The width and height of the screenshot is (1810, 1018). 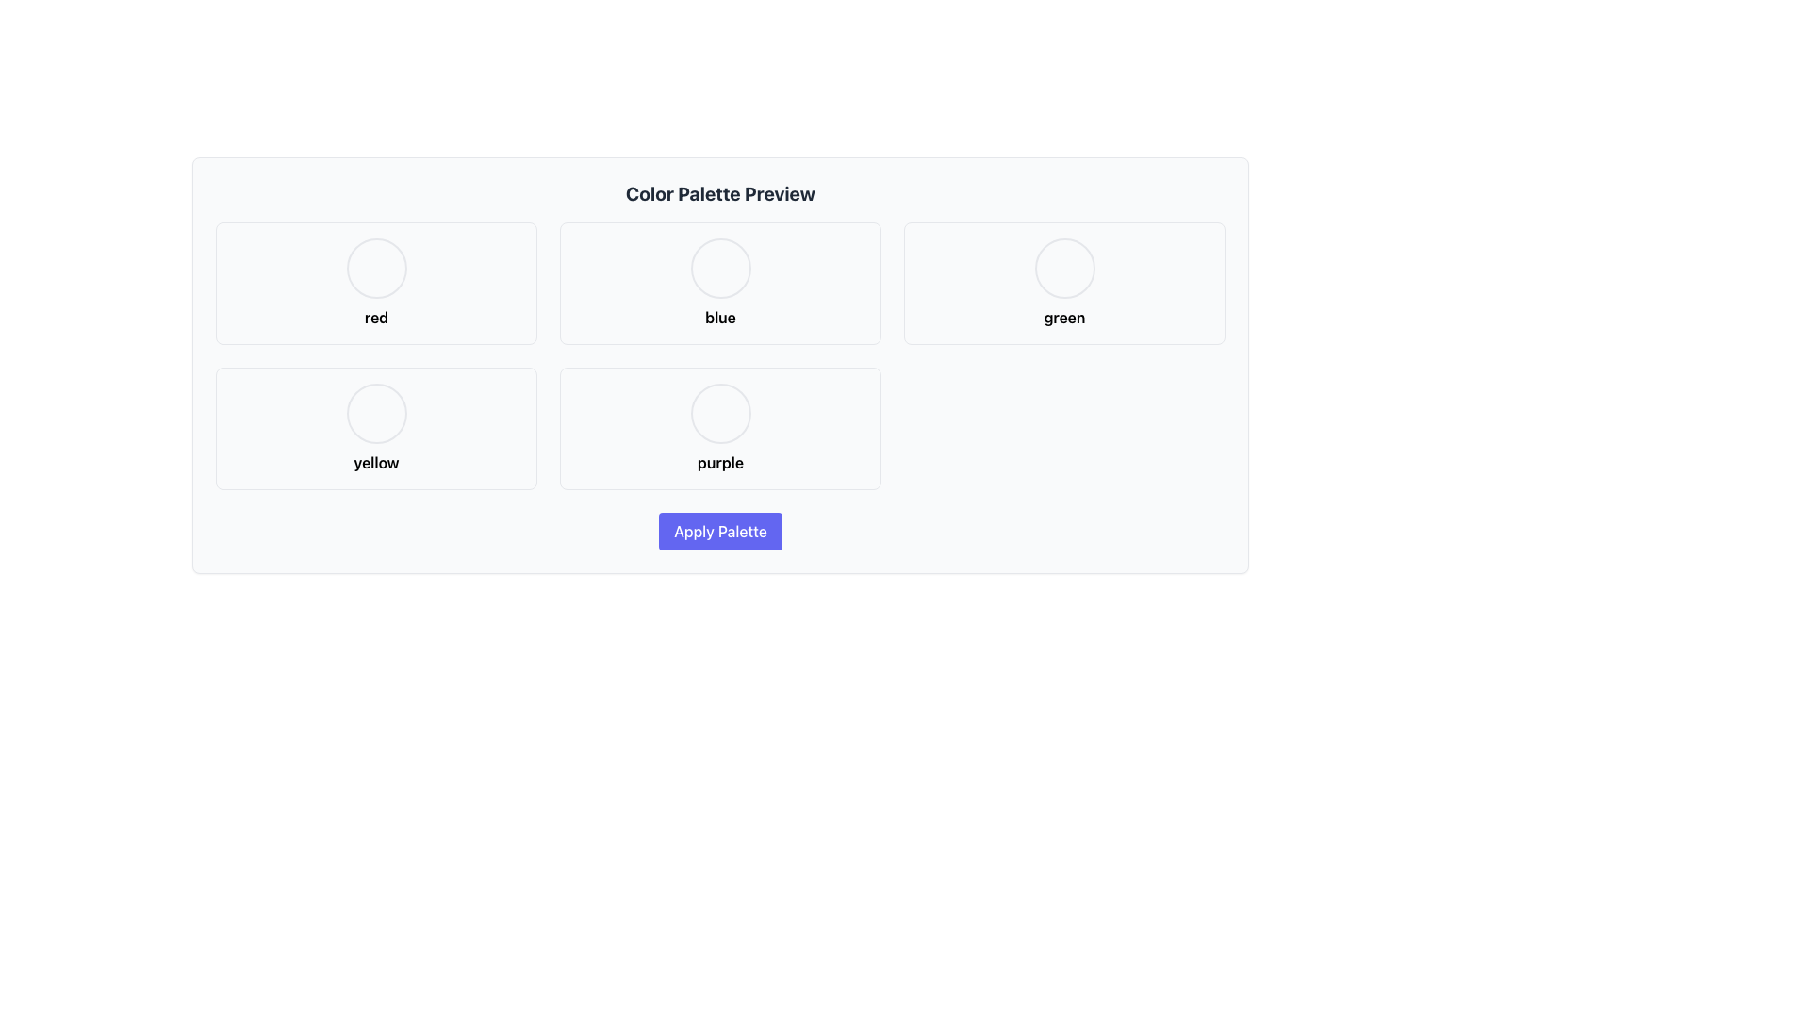 I want to click on the 'Apply Palette' button, so click(x=719, y=531).